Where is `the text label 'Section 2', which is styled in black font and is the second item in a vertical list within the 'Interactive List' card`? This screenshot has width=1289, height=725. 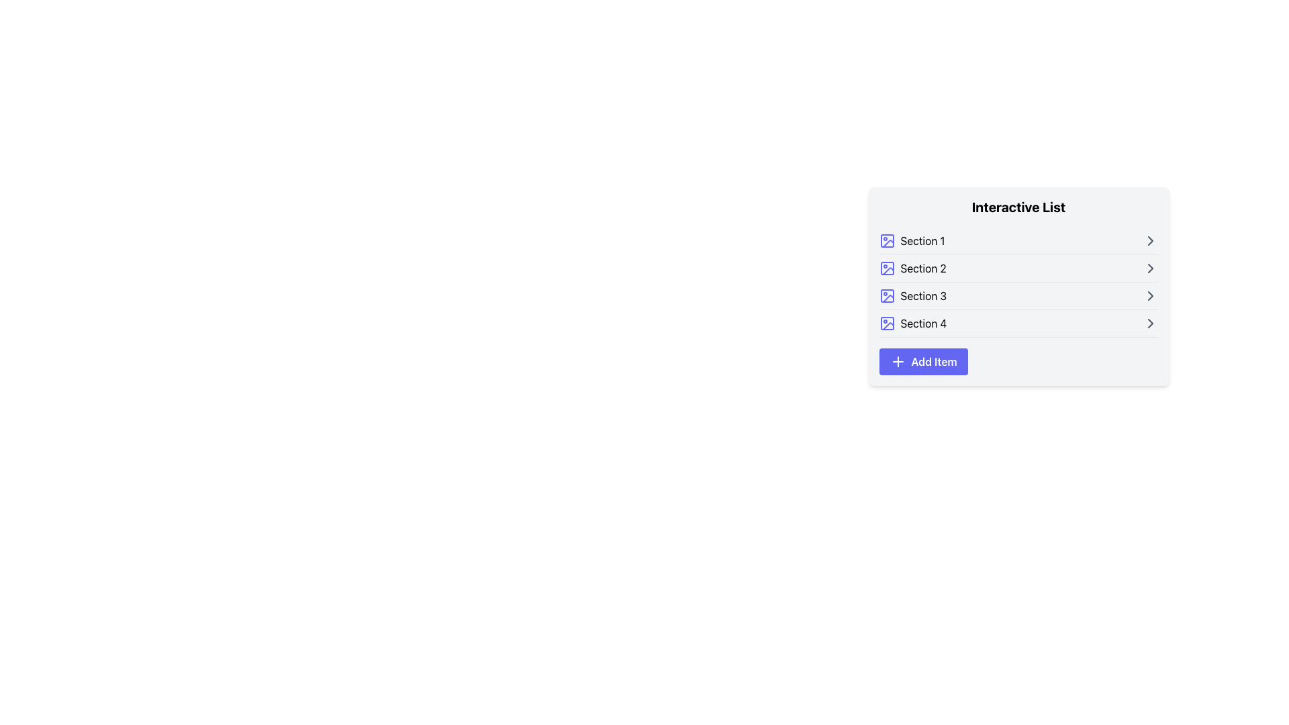
the text label 'Section 2', which is styled in black font and is the second item in a vertical list within the 'Interactive List' card is located at coordinates (922, 269).